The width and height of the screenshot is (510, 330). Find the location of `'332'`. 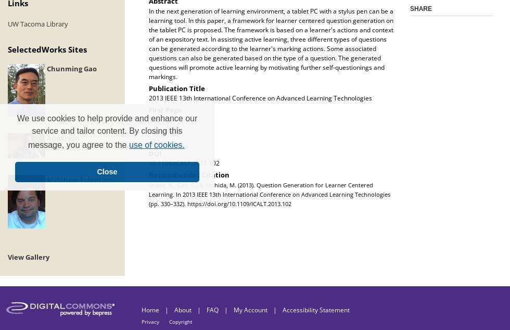

'332' is located at coordinates (154, 141).